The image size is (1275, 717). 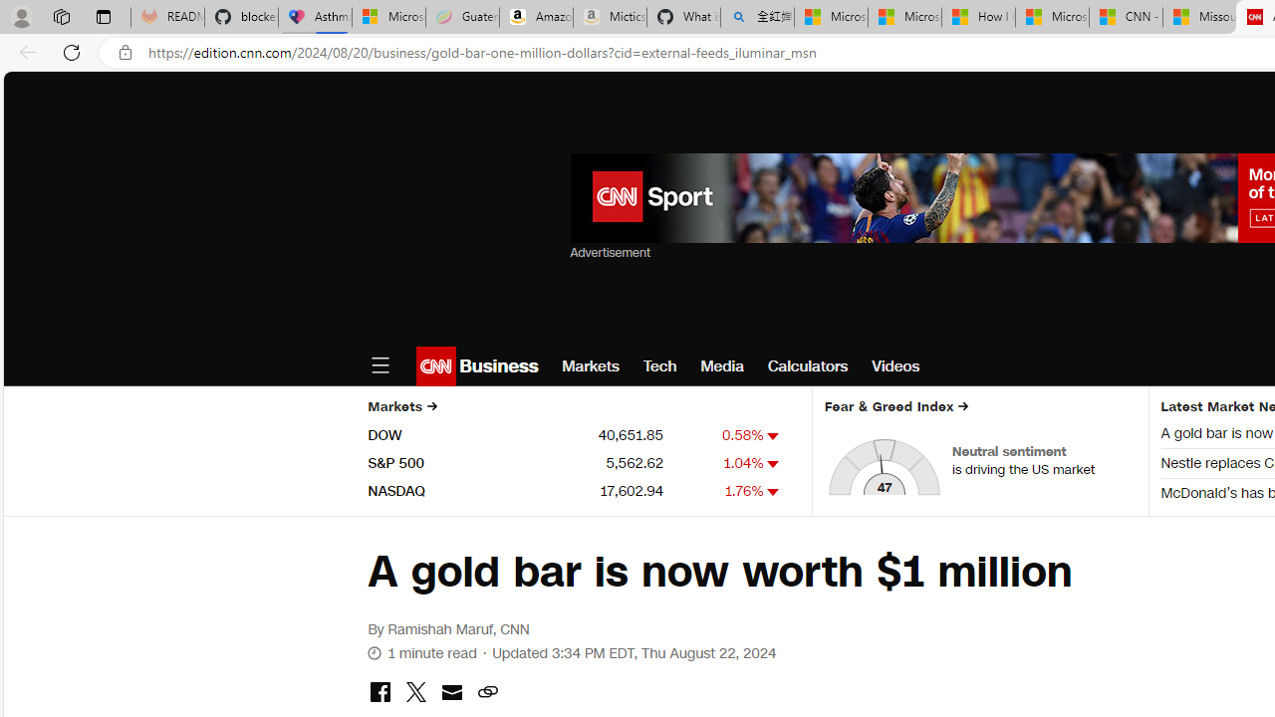 What do you see at coordinates (380, 365) in the screenshot?
I see `'Open Menu Icon'` at bounding box center [380, 365].